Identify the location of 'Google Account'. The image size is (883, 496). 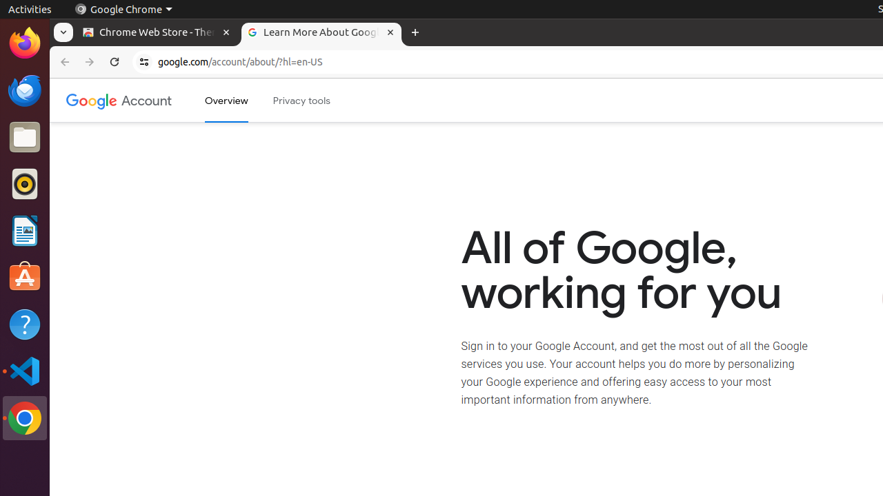
(146, 100).